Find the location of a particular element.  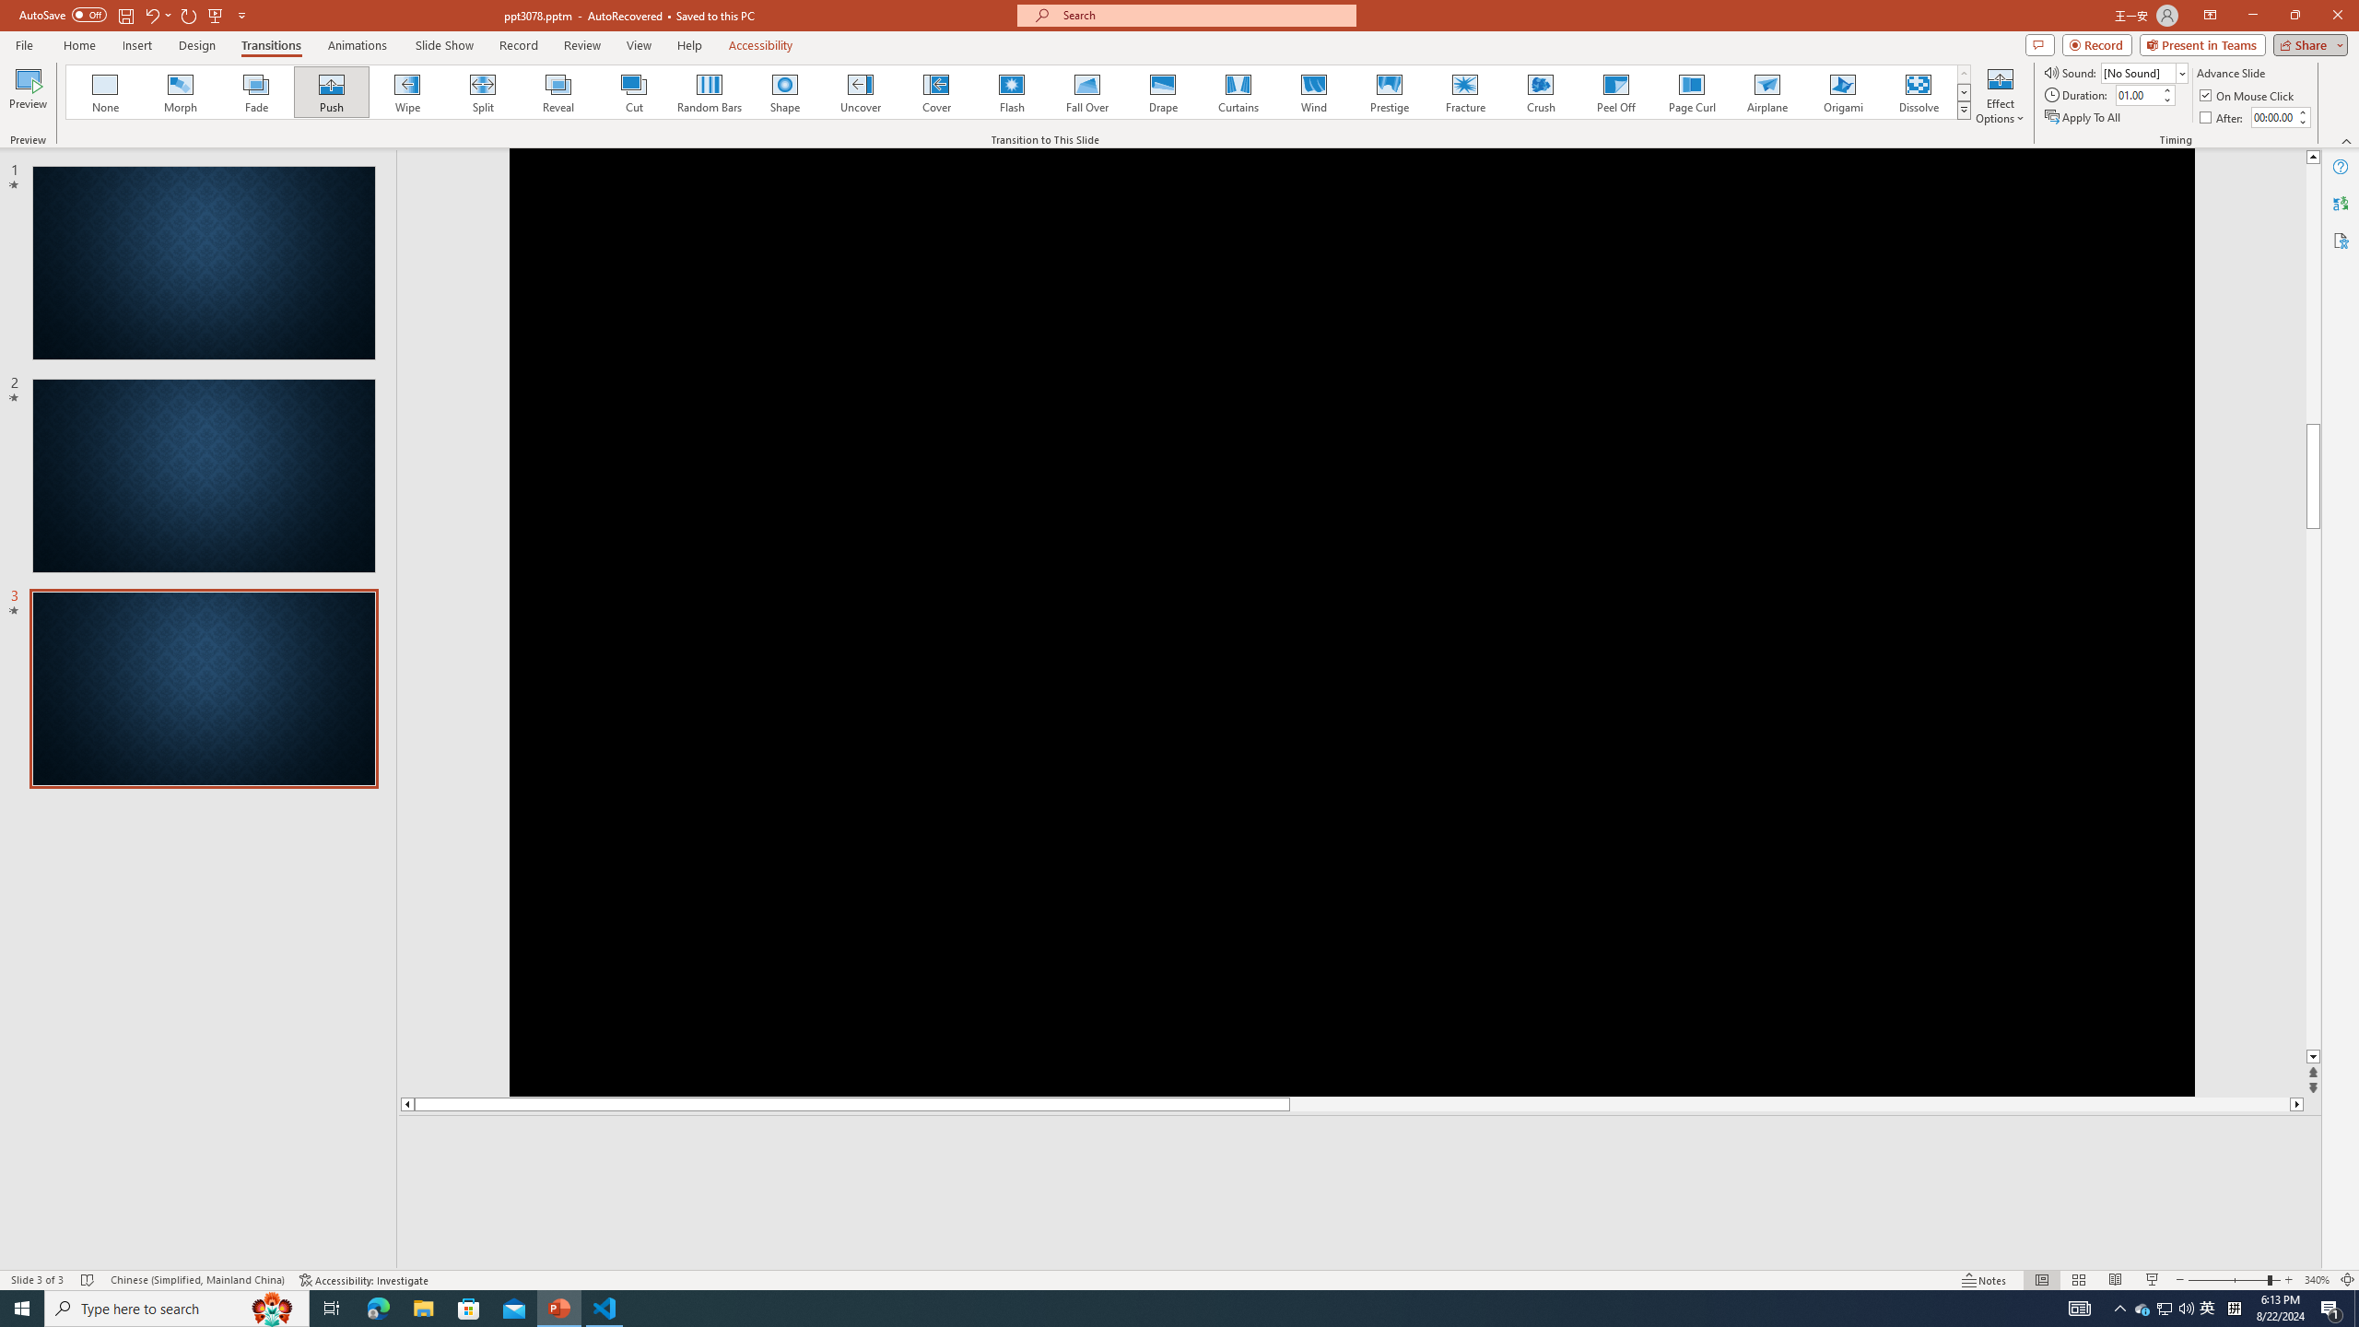

'Wipe' is located at coordinates (406, 91).